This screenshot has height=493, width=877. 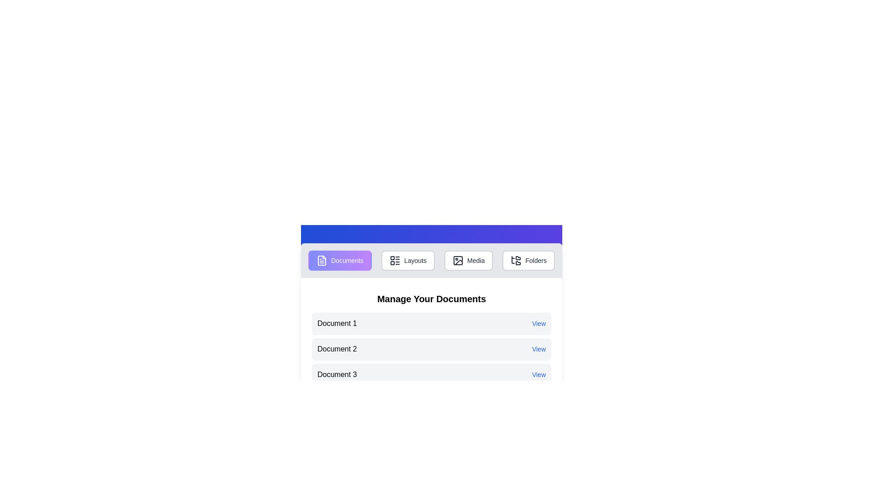 What do you see at coordinates (539, 323) in the screenshot?
I see `the hyperlink labeled 'View', which is styled in blue font and underlined on hover, located next to 'Document 1'` at bounding box center [539, 323].